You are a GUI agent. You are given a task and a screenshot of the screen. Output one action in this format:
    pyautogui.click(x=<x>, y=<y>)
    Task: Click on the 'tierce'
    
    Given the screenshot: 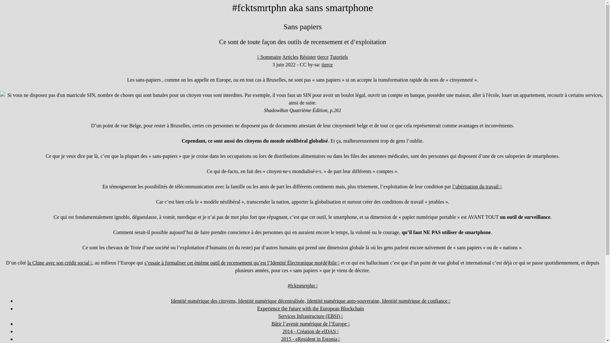 What is the action you would take?
    pyautogui.click(x=327, y=64)
    